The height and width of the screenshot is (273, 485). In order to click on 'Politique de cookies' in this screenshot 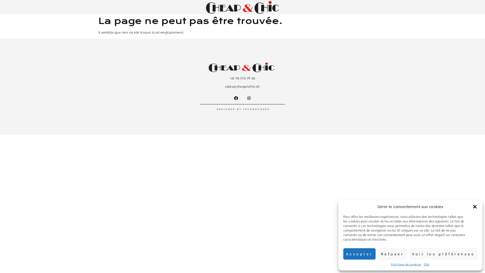, I will do `click(406, 264)`.